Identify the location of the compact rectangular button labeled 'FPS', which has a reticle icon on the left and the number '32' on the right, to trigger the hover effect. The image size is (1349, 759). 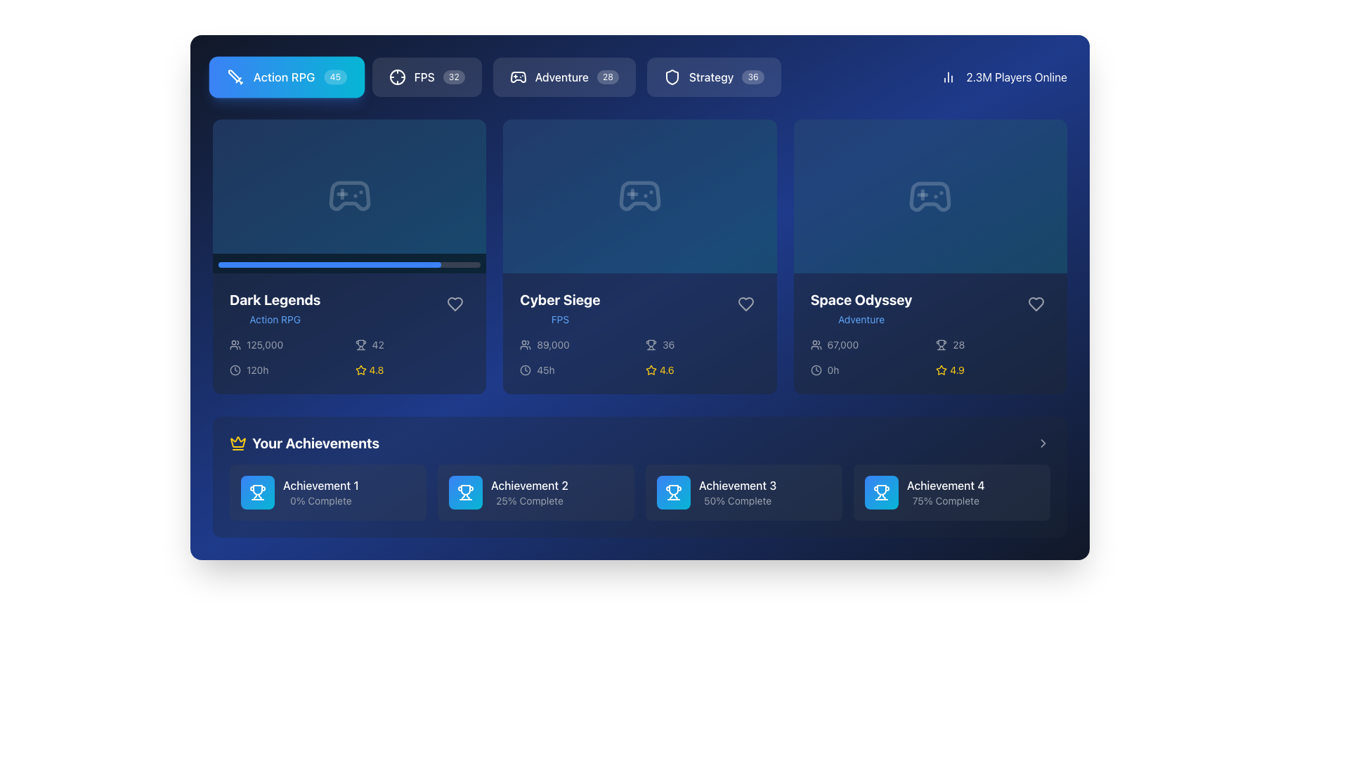
(426, 77).